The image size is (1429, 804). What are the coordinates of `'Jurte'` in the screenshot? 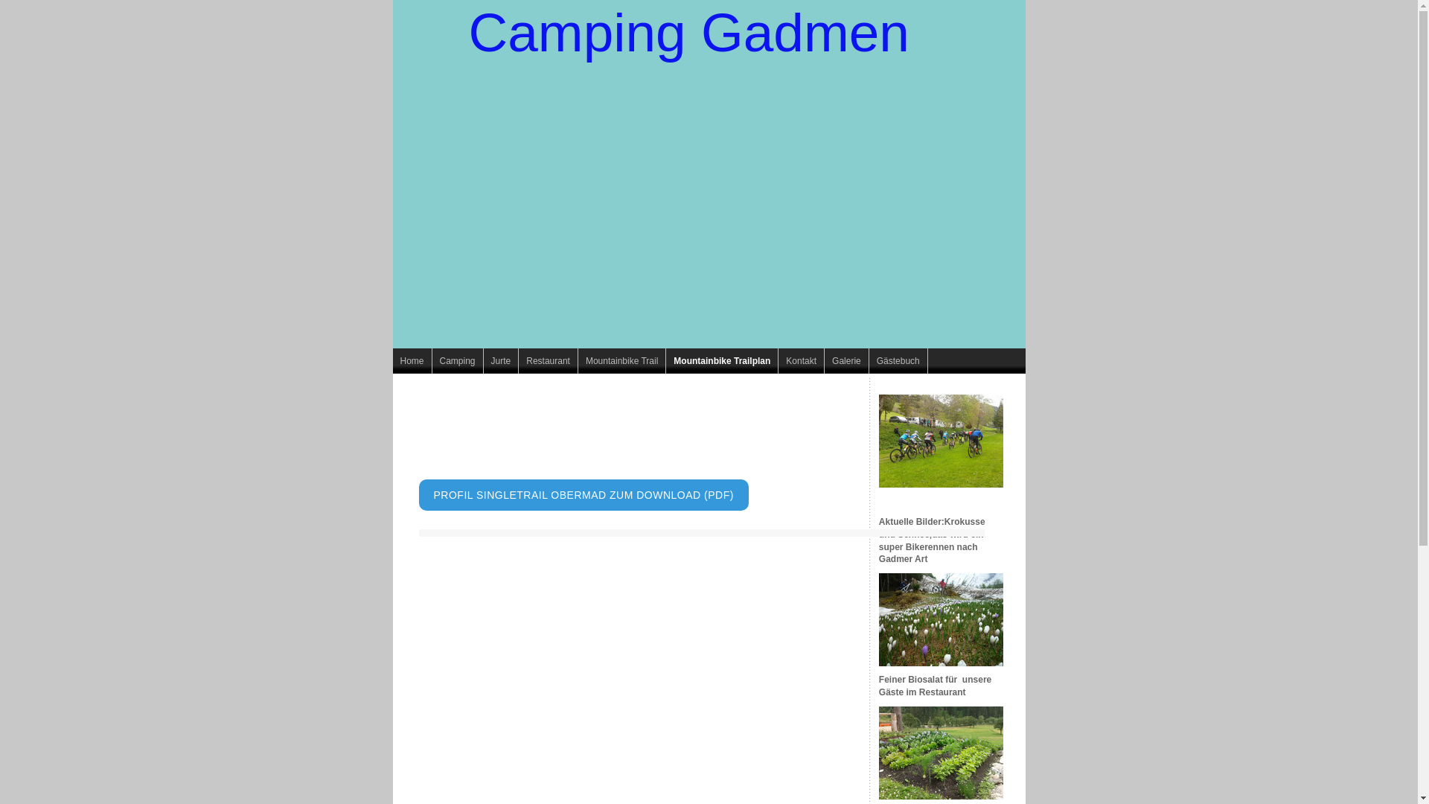 It's located at (501, 361).